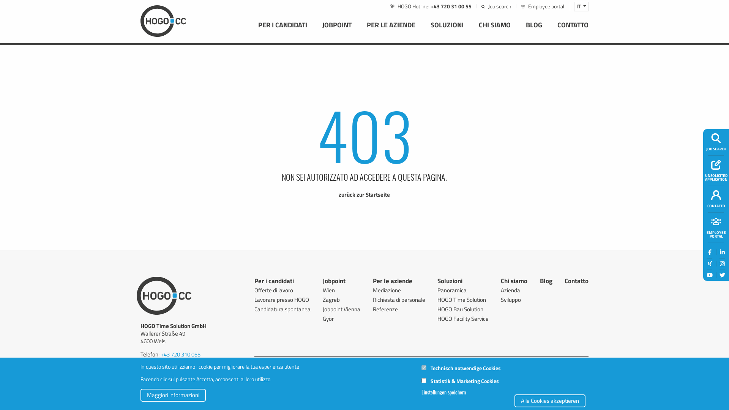 This screenshot has width=729, height=410. Describe the element at coordinates (282, 299) in the screenshot. I see `'Lavorare presso HOGO'` at that location.